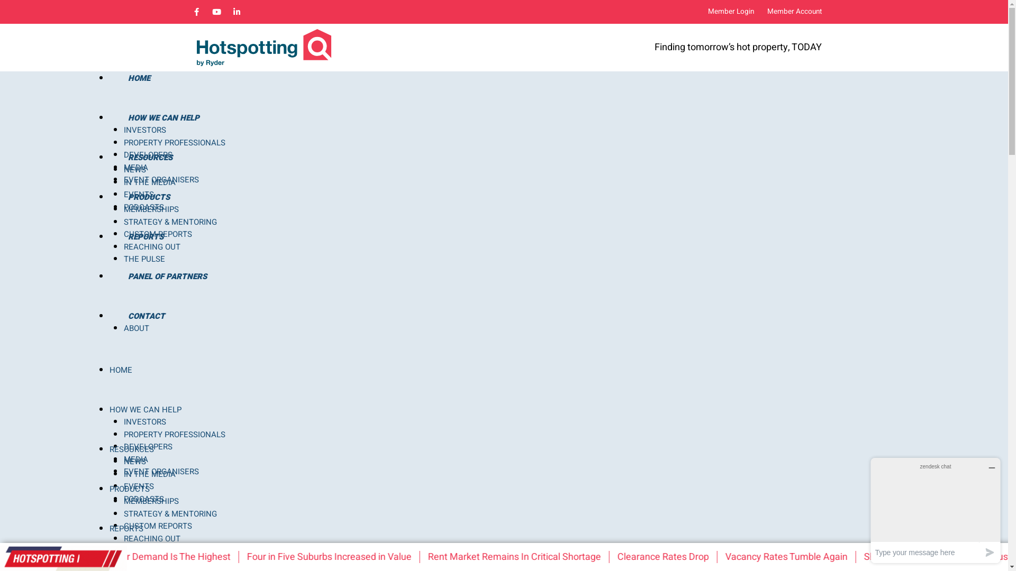 This screenshot has width=1016, height=571. What do you see at coordinates (441, 556) in the screenshot?
I see `'Rent Market Remains In Critical Shortage'` at bounding box center [441, 556].